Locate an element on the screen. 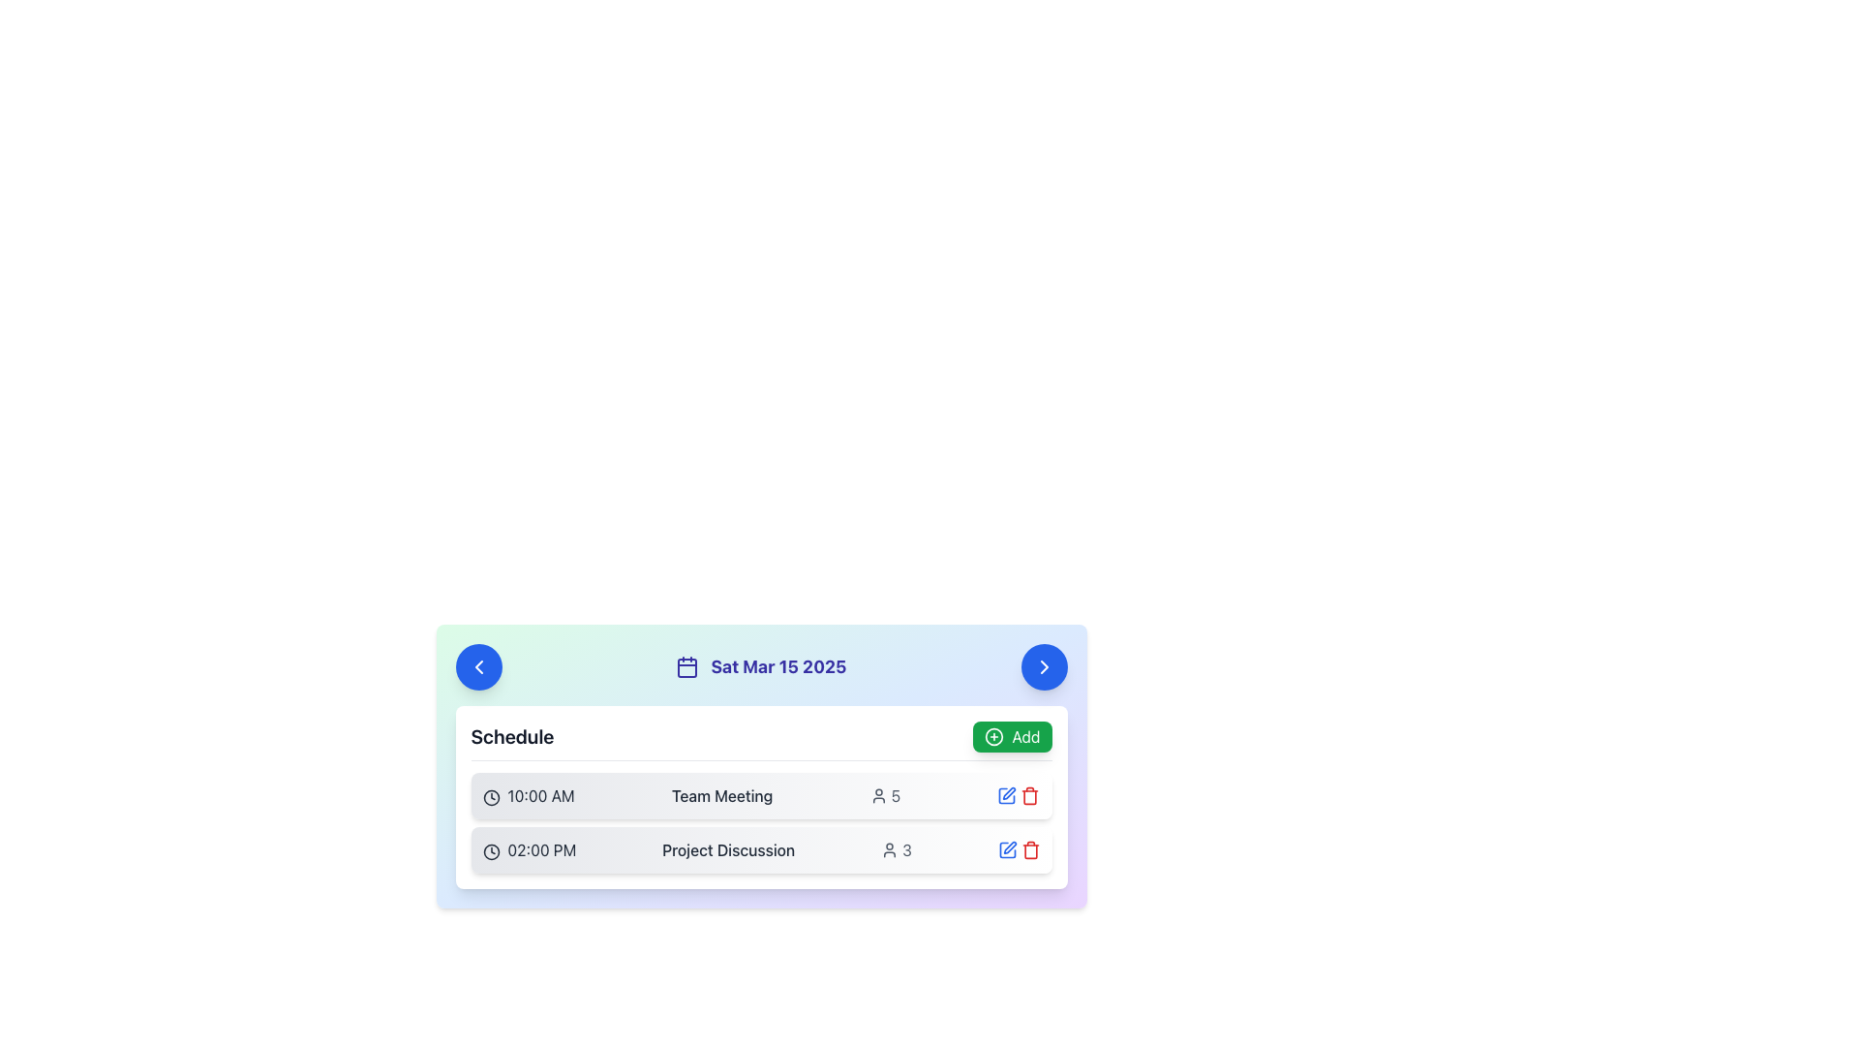 The height and width of the screenshot is (1046, 1859). the navigational button located at the top-right corner of the section containing the date 'Sat Mar 15 2025' is located at coordinates (1043, 666).